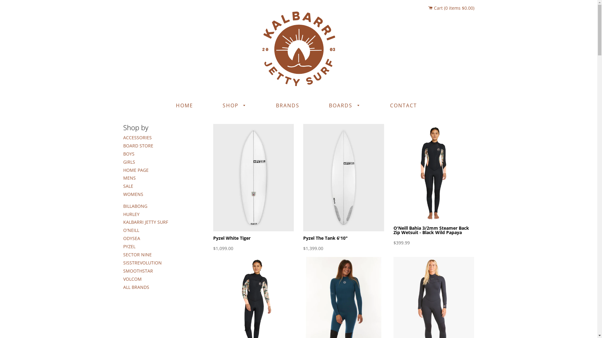 The width and height of the screenshot is (602, 338). Describe the element at coordinates (234, 105) in the screenshot. I see `'SHOP'` at that location.